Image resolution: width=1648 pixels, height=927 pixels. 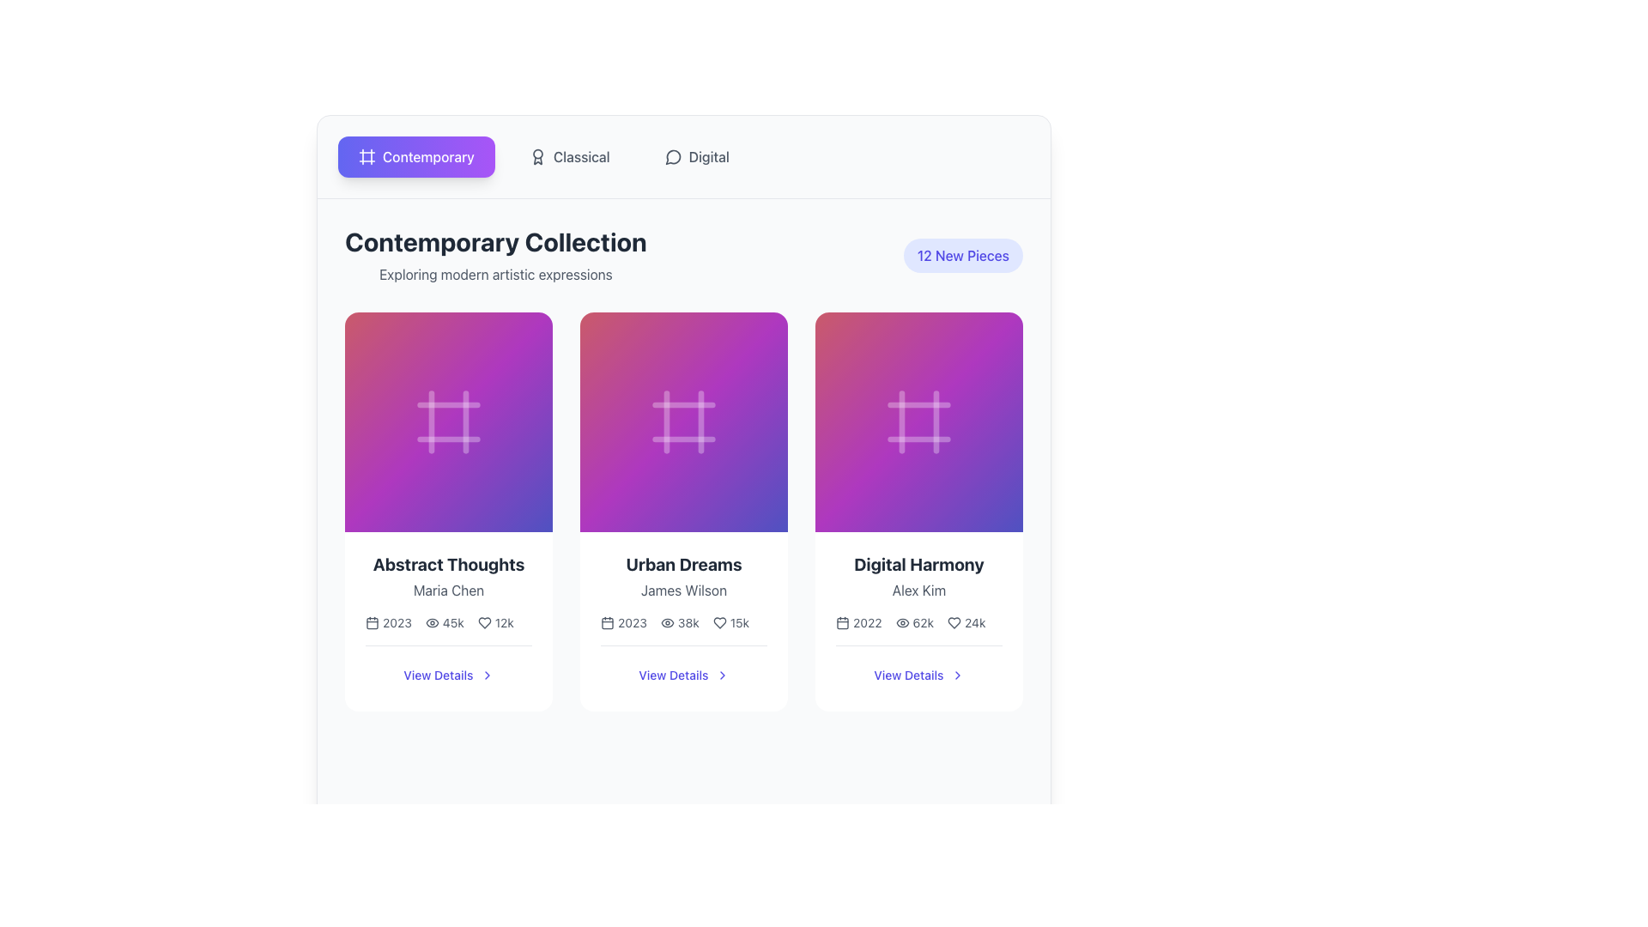 What do you see at coordinates (901, 622) in the screenshot?
I see `the eye icon representing visibility or views, located` at bounding box center [901, 622].